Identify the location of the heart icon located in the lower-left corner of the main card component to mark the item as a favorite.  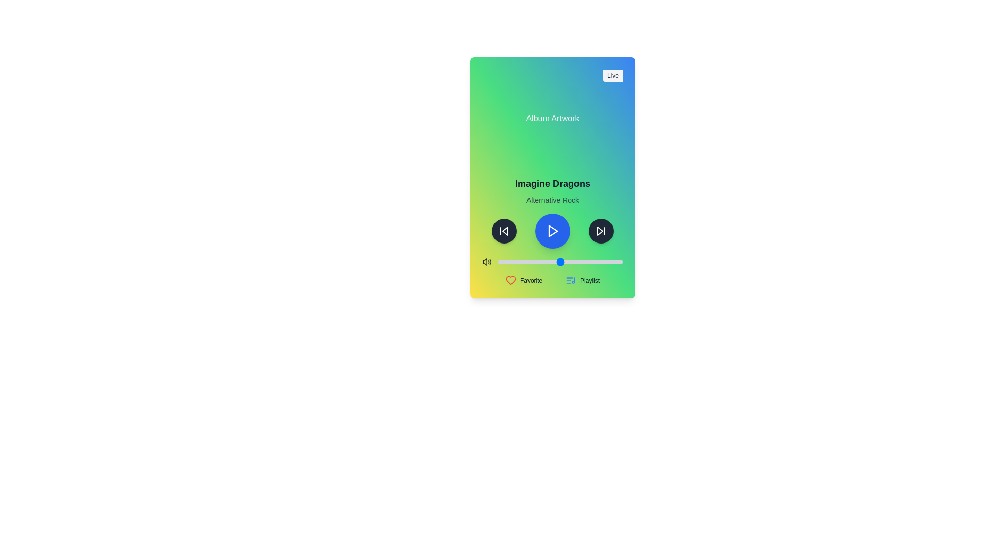
(510, 280).